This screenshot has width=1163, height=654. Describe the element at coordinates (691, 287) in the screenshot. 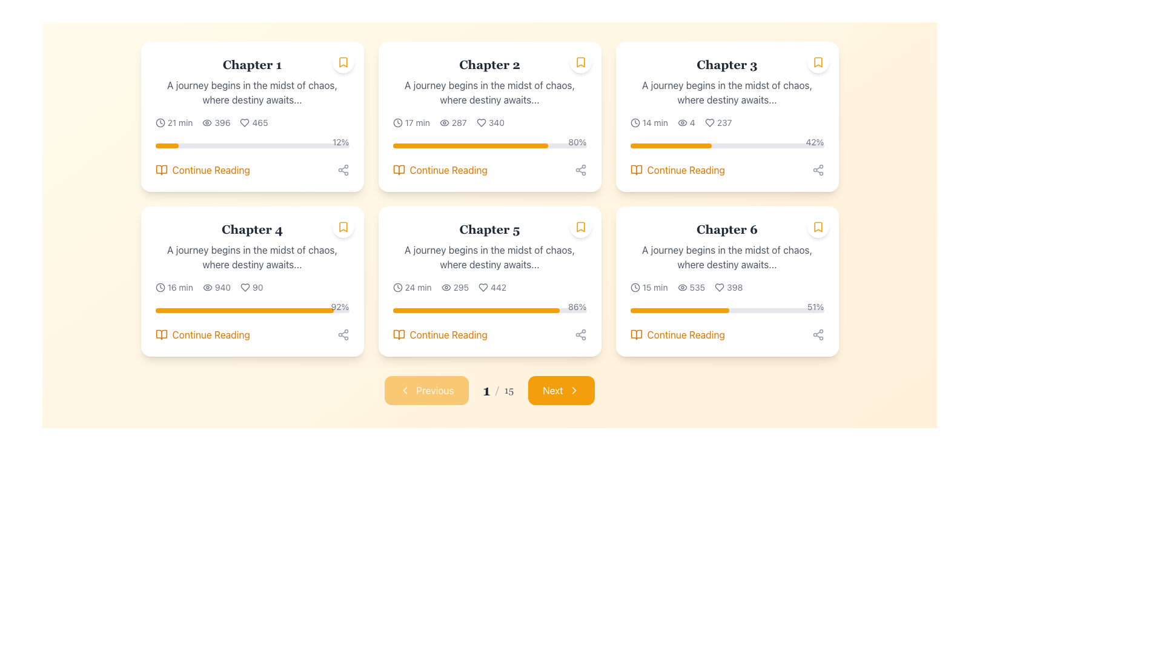

I see `the static text element displaying the number of views '535' associated with the eye icon in Chapter 6, positioned between '15 min' and '398'` at that location.